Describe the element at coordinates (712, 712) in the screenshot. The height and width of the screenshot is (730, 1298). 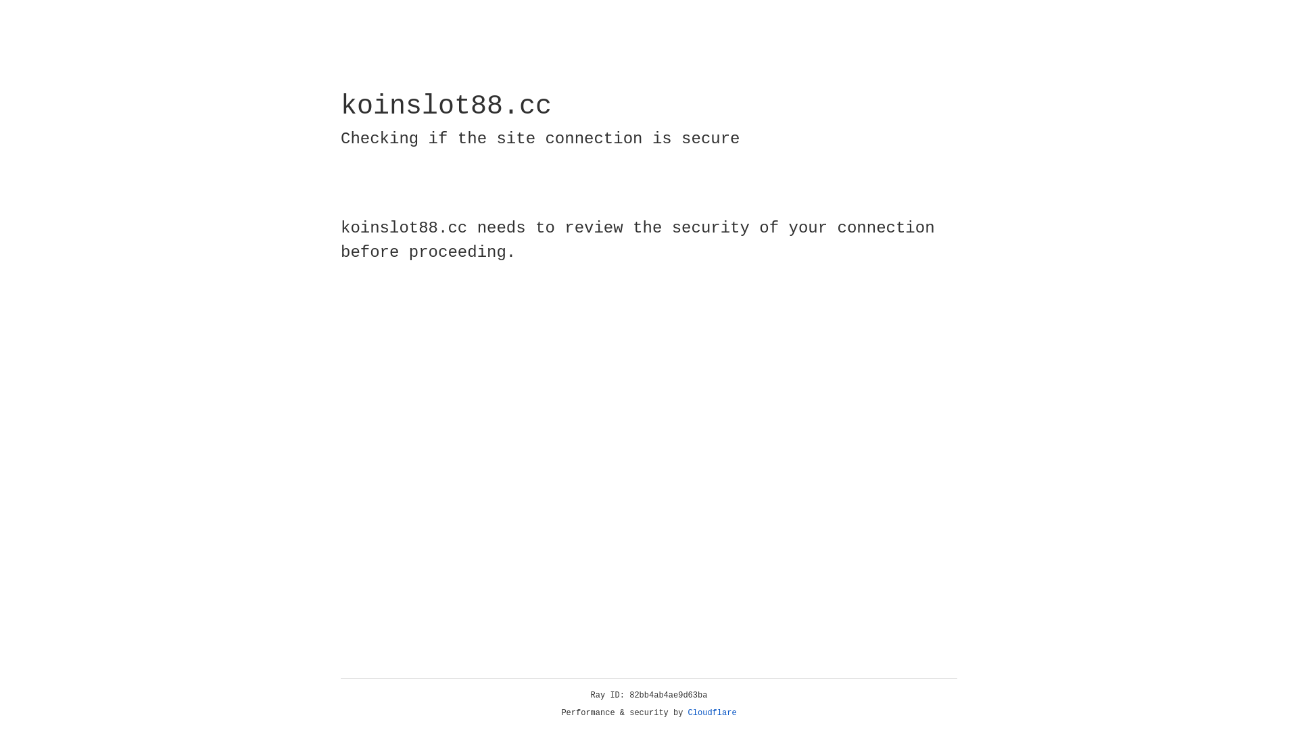
I see `'Cloudflare'` at that location.